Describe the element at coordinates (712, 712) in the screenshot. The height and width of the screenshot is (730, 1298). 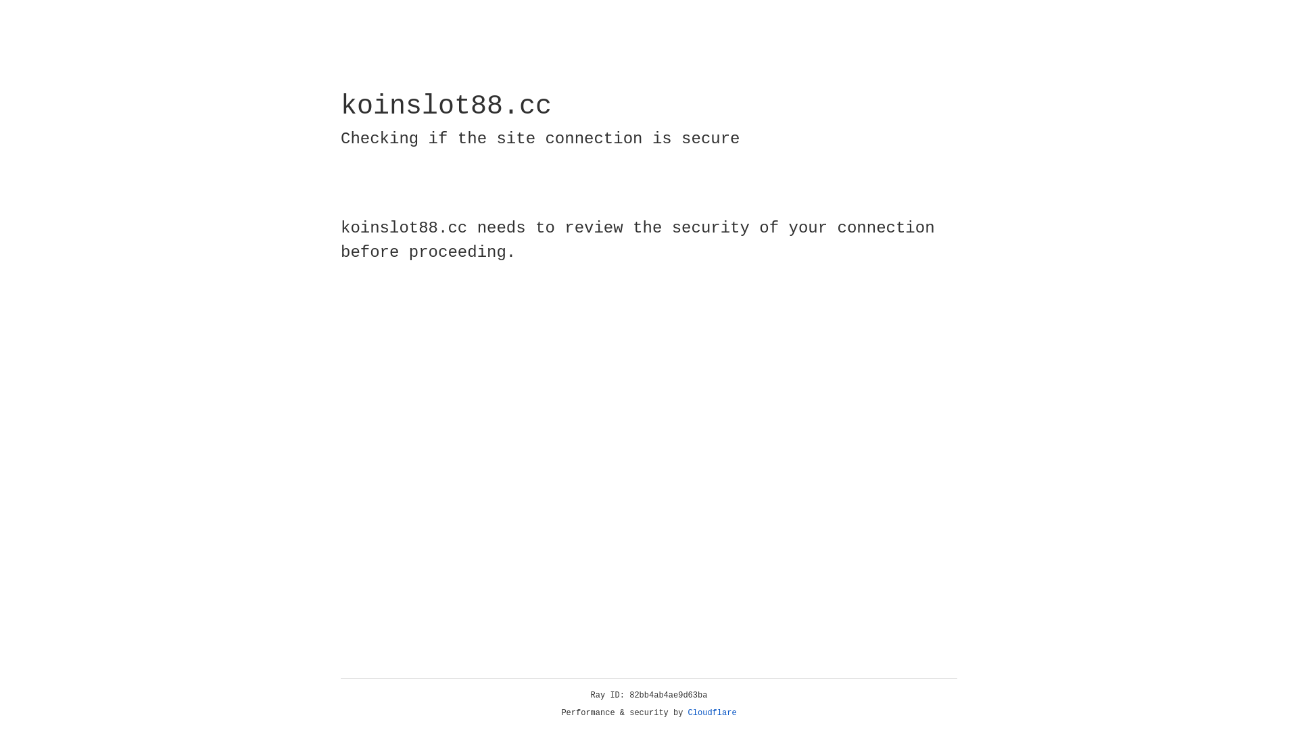
I see `'Cloudflare'` at that location.